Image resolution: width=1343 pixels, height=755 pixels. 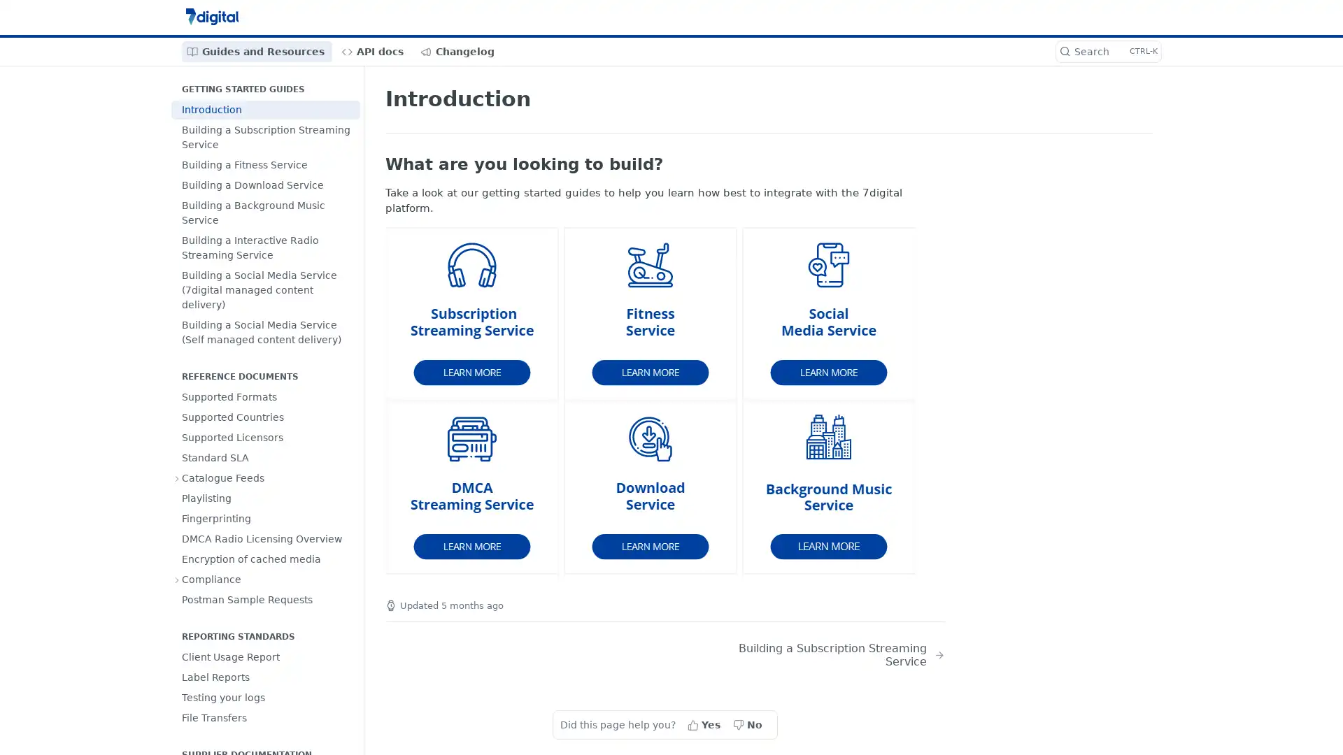 What do you see at coordinates (473, 487) in the screenshot?
I see `homepage` at bounding box center [473, 487].